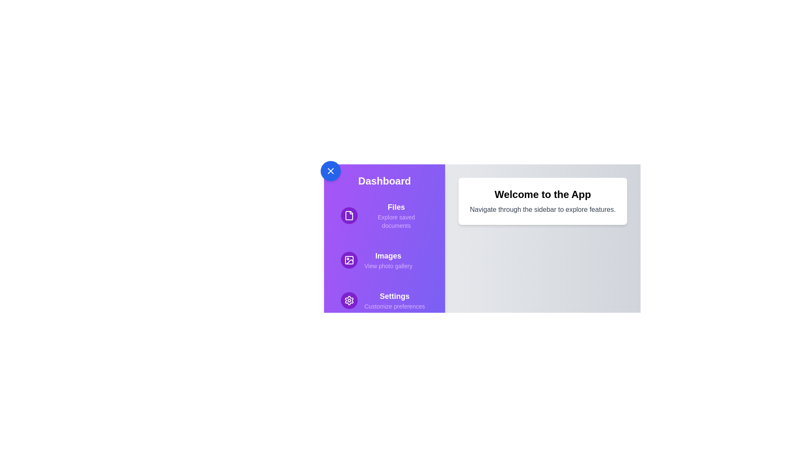 Image resolution: width=807 pixels, height=454 pixels. Describe the element at coordinates (384, 300) in the screenshot. I see `the menu item Settings in the sidebar` at that location.